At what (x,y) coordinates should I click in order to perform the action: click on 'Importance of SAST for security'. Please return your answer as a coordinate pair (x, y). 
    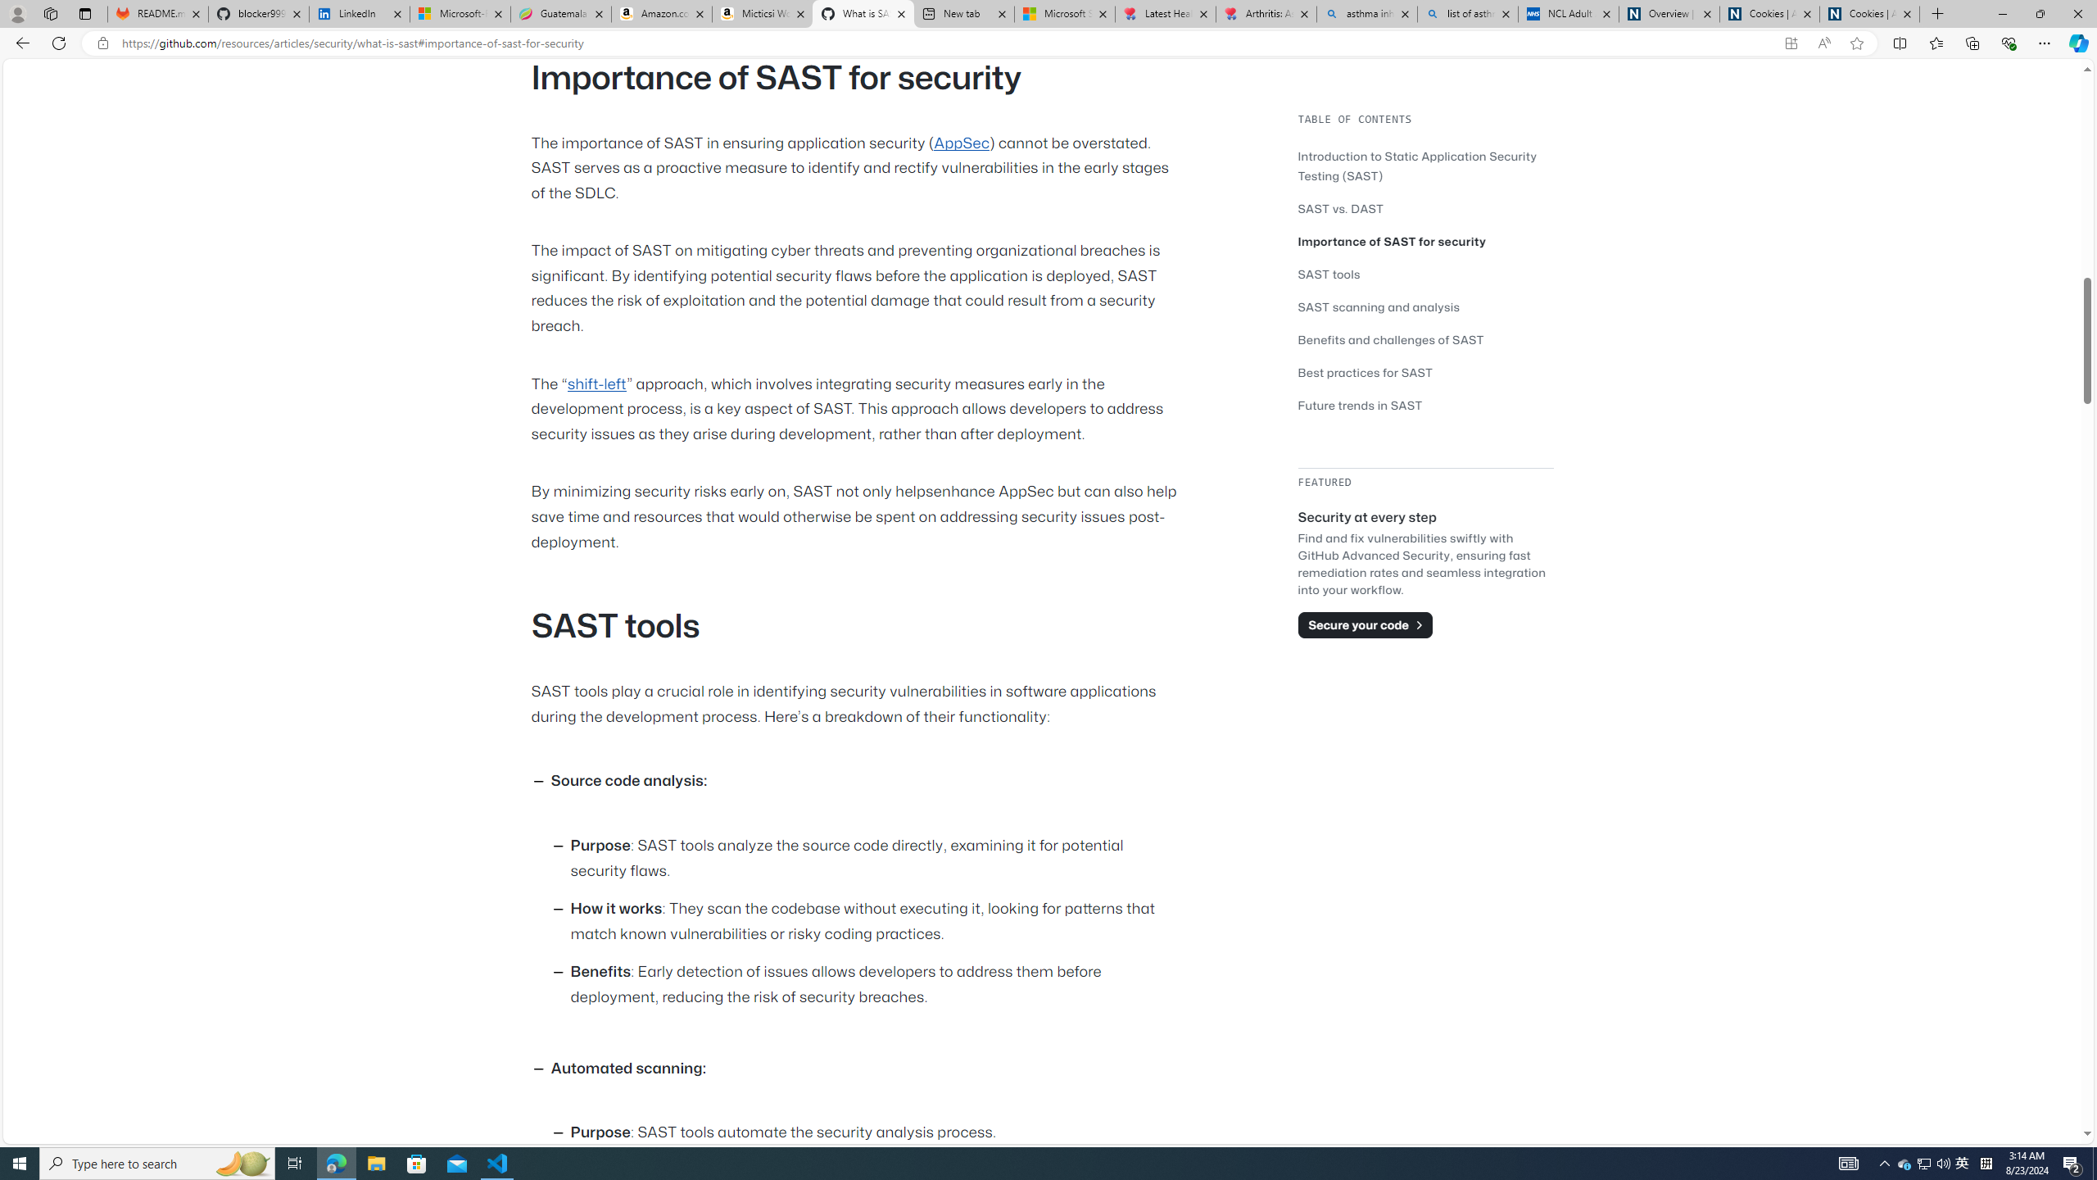
    Looking at the image, I should click on (1392, 241).